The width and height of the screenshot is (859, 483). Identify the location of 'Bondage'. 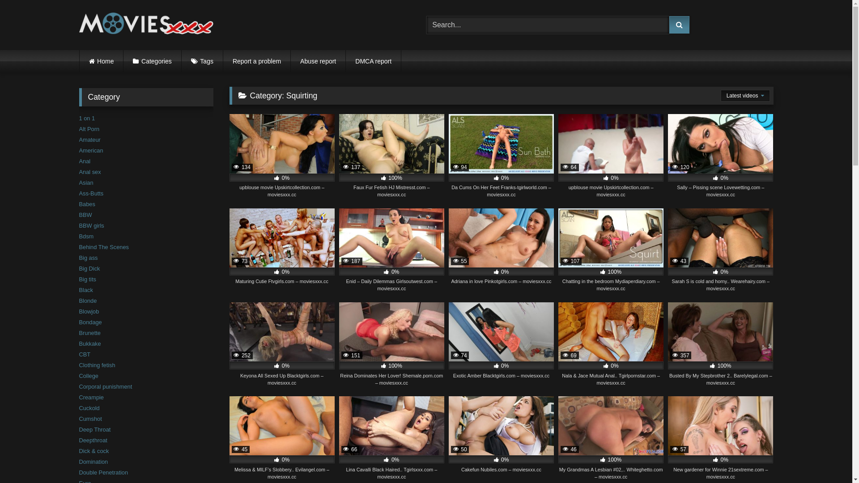
(90, 322).